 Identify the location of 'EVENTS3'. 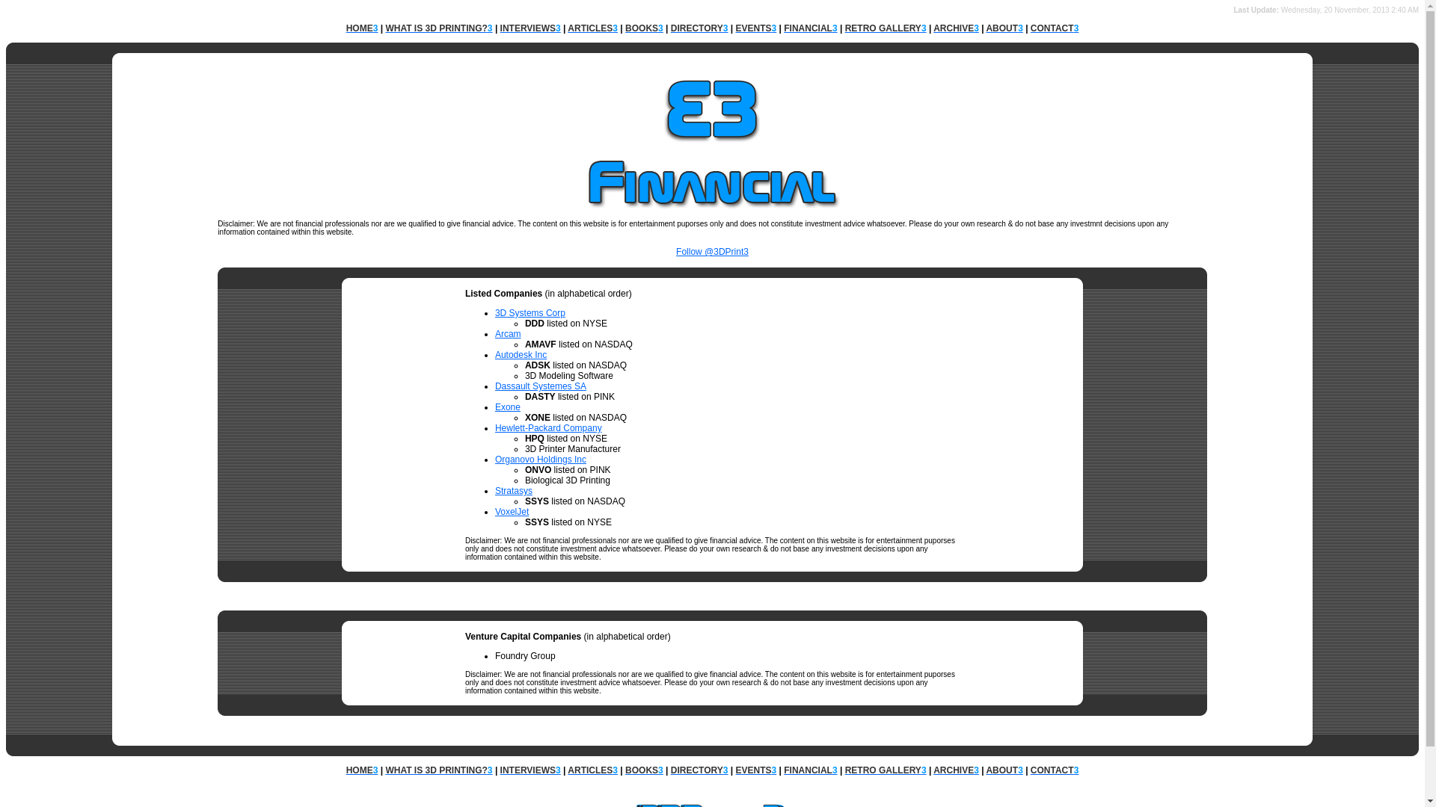
(756, 28).